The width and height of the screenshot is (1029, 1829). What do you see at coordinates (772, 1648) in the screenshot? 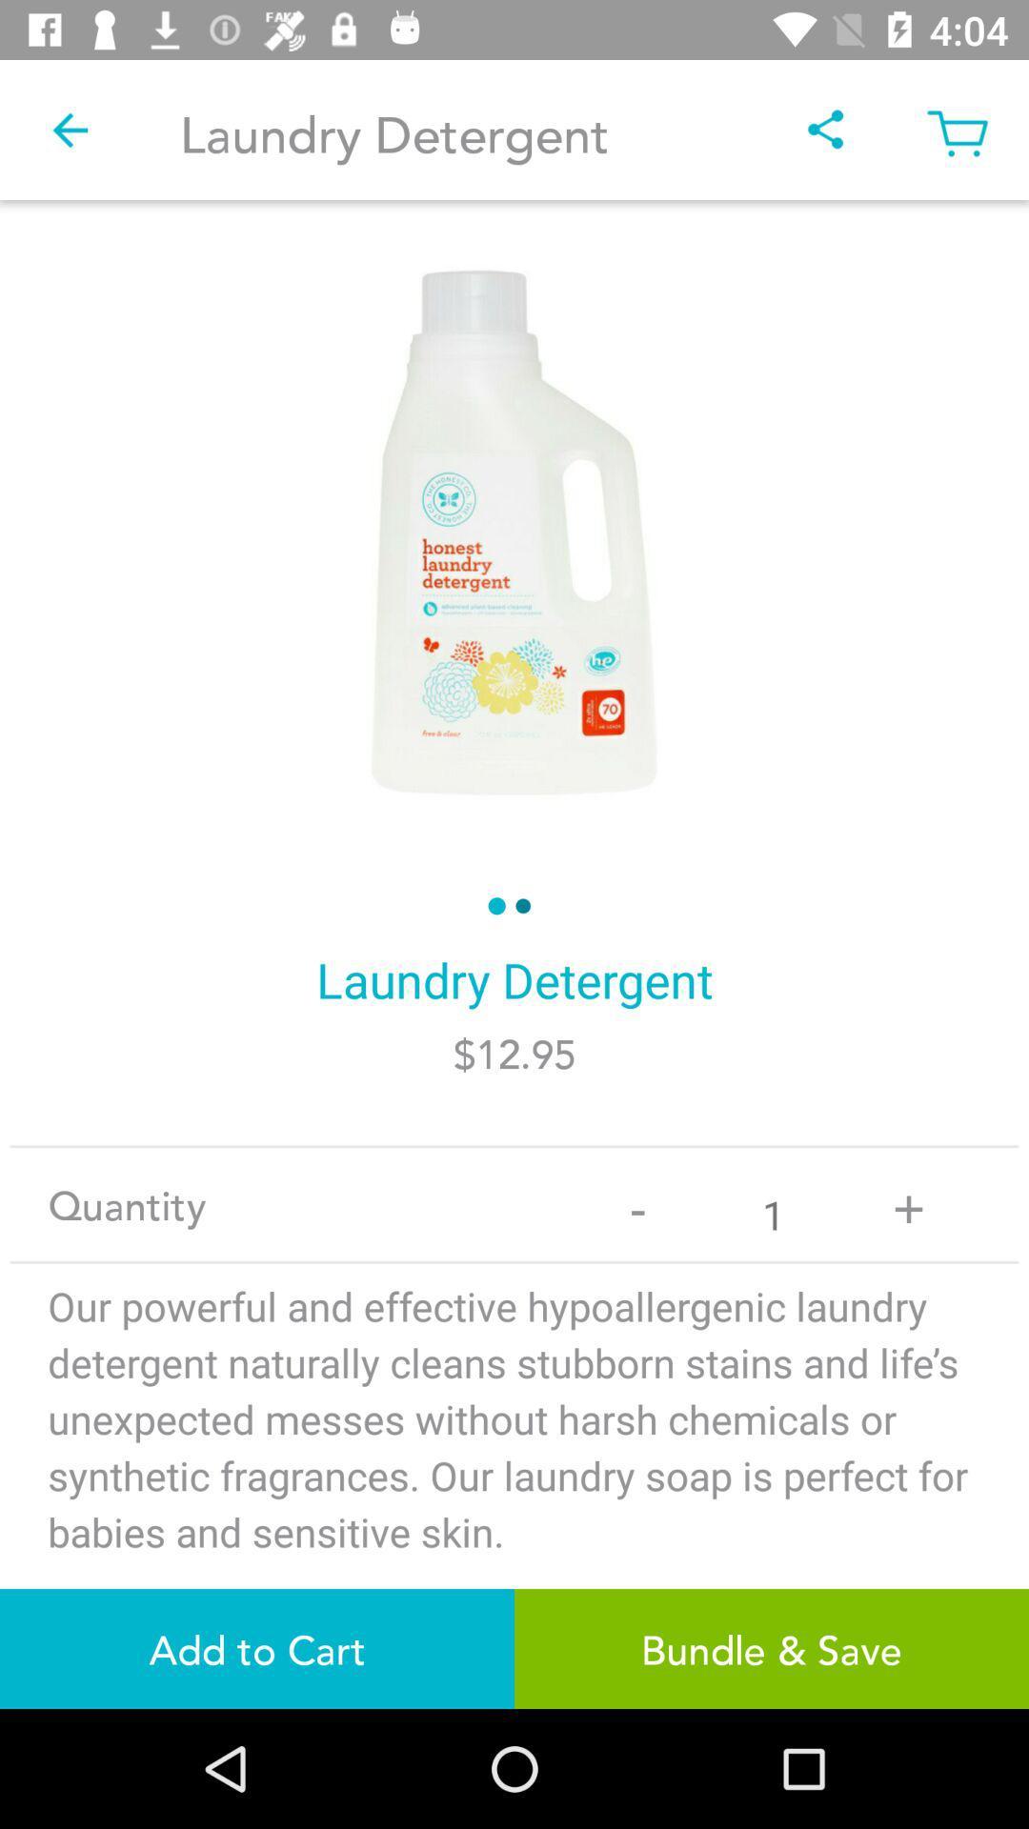
I see `the icon to the right of the add to cart` at bounding box center [772, 1648].